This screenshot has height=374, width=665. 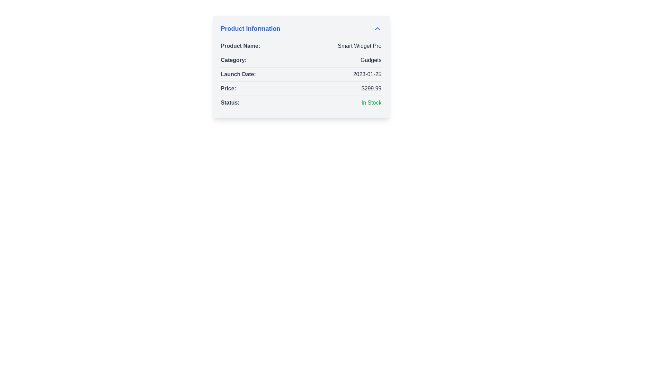 I want to click on the non-interactive label indicating the product category in the 'Product Information' section, located in the second row of the table to the right of the 'Category:' label, so click(x=371, y=60).